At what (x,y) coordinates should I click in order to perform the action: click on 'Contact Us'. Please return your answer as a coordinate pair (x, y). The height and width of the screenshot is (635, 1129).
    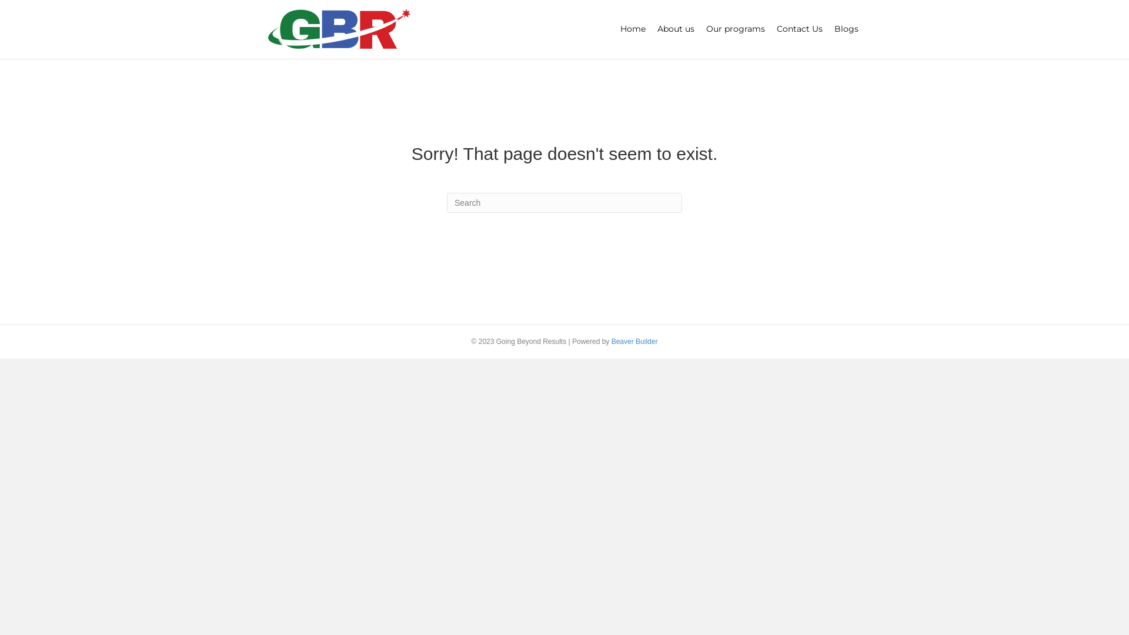
    Looking at the image, I should click on (799, 29).